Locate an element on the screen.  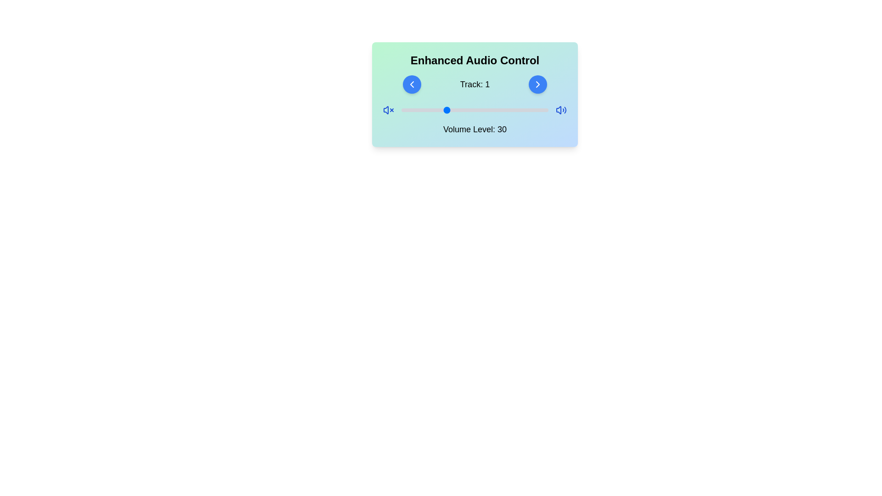
the volume slider to set the volume to 0% is located at coordinates (401, 109).